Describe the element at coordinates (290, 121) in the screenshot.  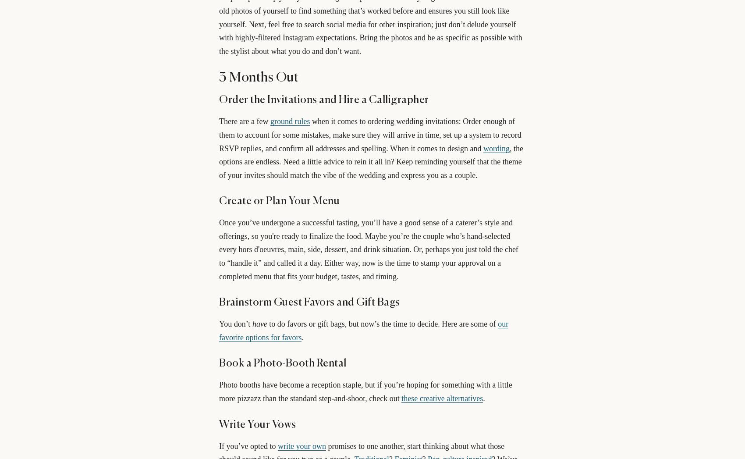
I see `'ground rules'` at that location.